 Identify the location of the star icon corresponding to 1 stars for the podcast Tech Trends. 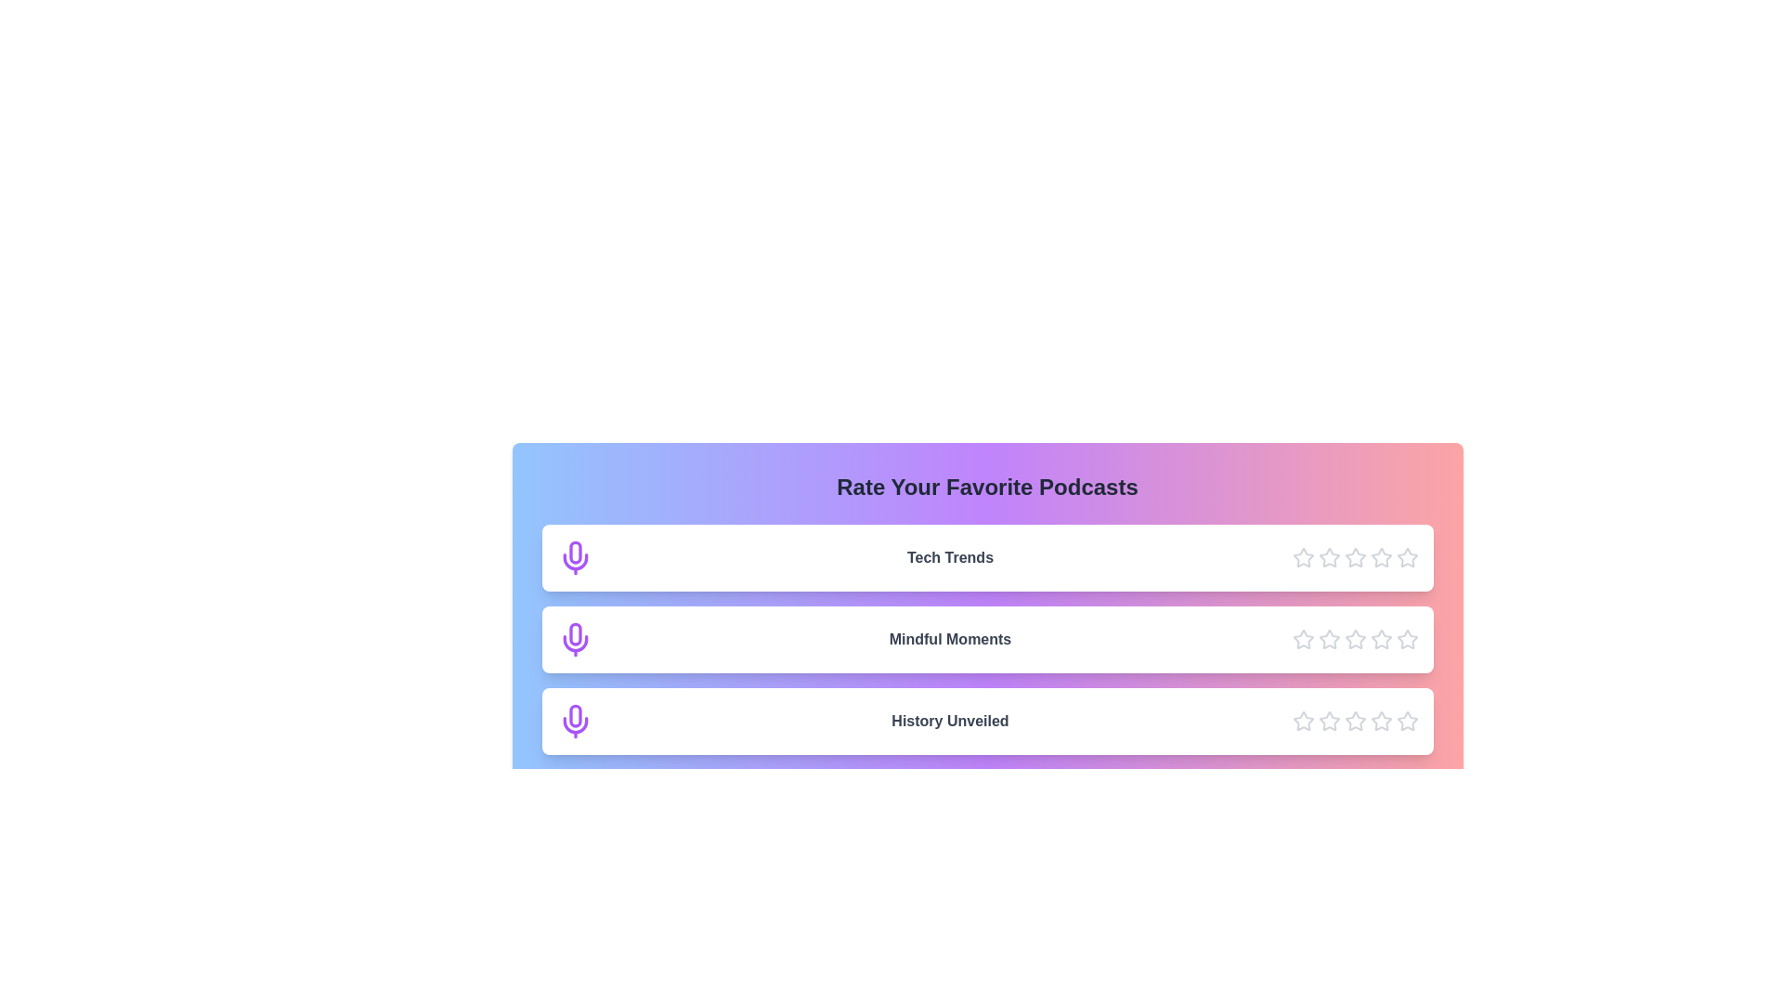
(1302, 557).